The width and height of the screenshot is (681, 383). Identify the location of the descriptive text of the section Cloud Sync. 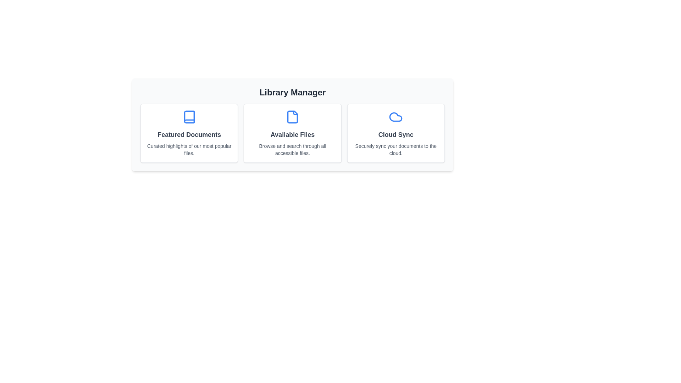
(395, 149).